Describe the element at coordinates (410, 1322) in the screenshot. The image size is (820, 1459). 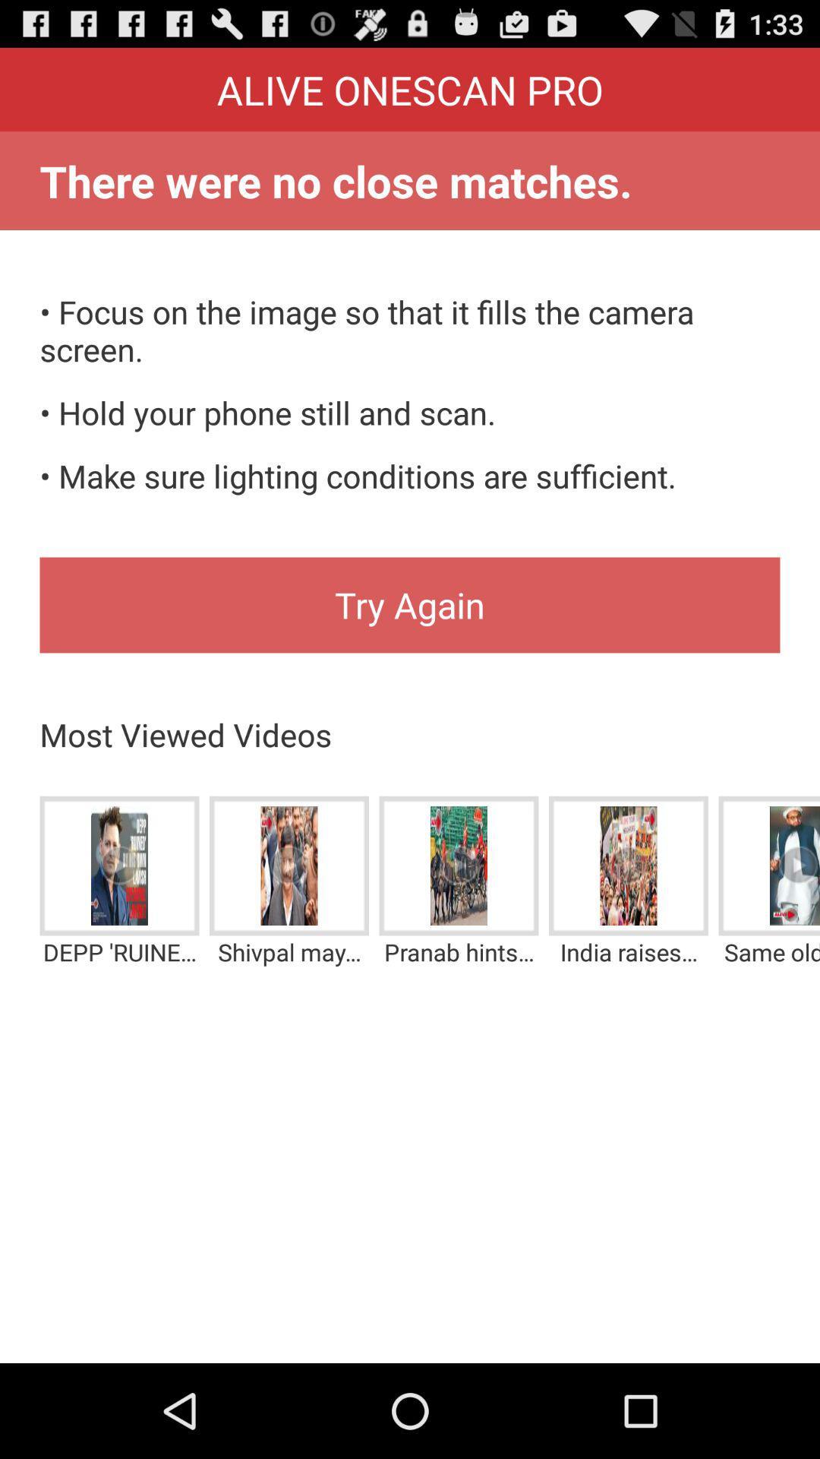
I see `the icon below the depp ruined by` at that location.